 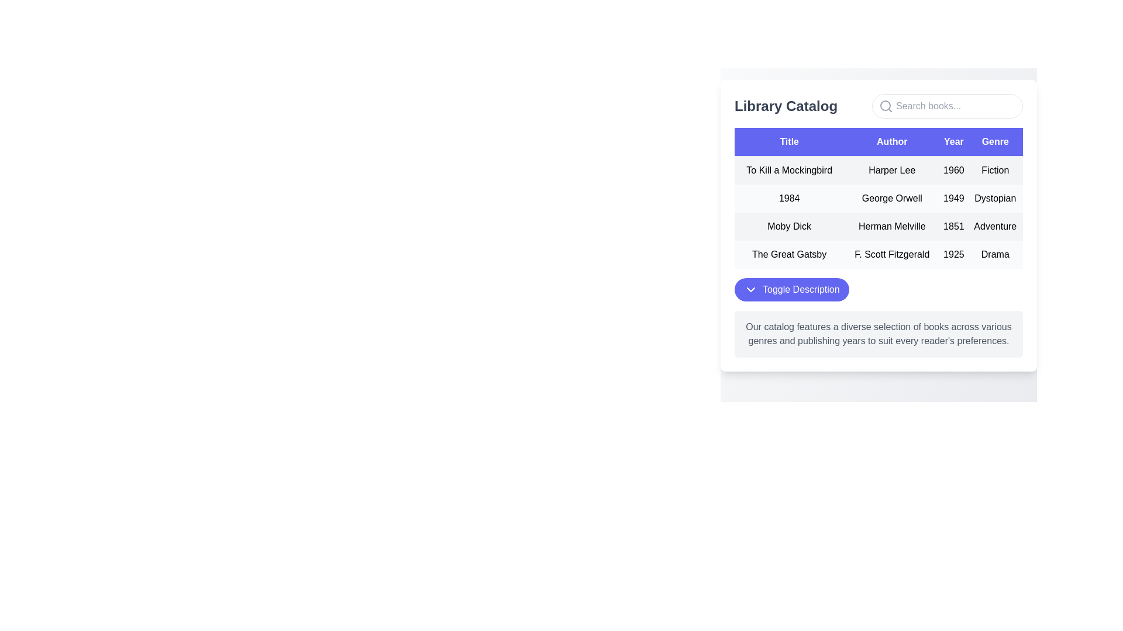 I want to click on the text label displaying '1984' in black font located in the second row under the 'Title' column, so click(x=789, y=197).